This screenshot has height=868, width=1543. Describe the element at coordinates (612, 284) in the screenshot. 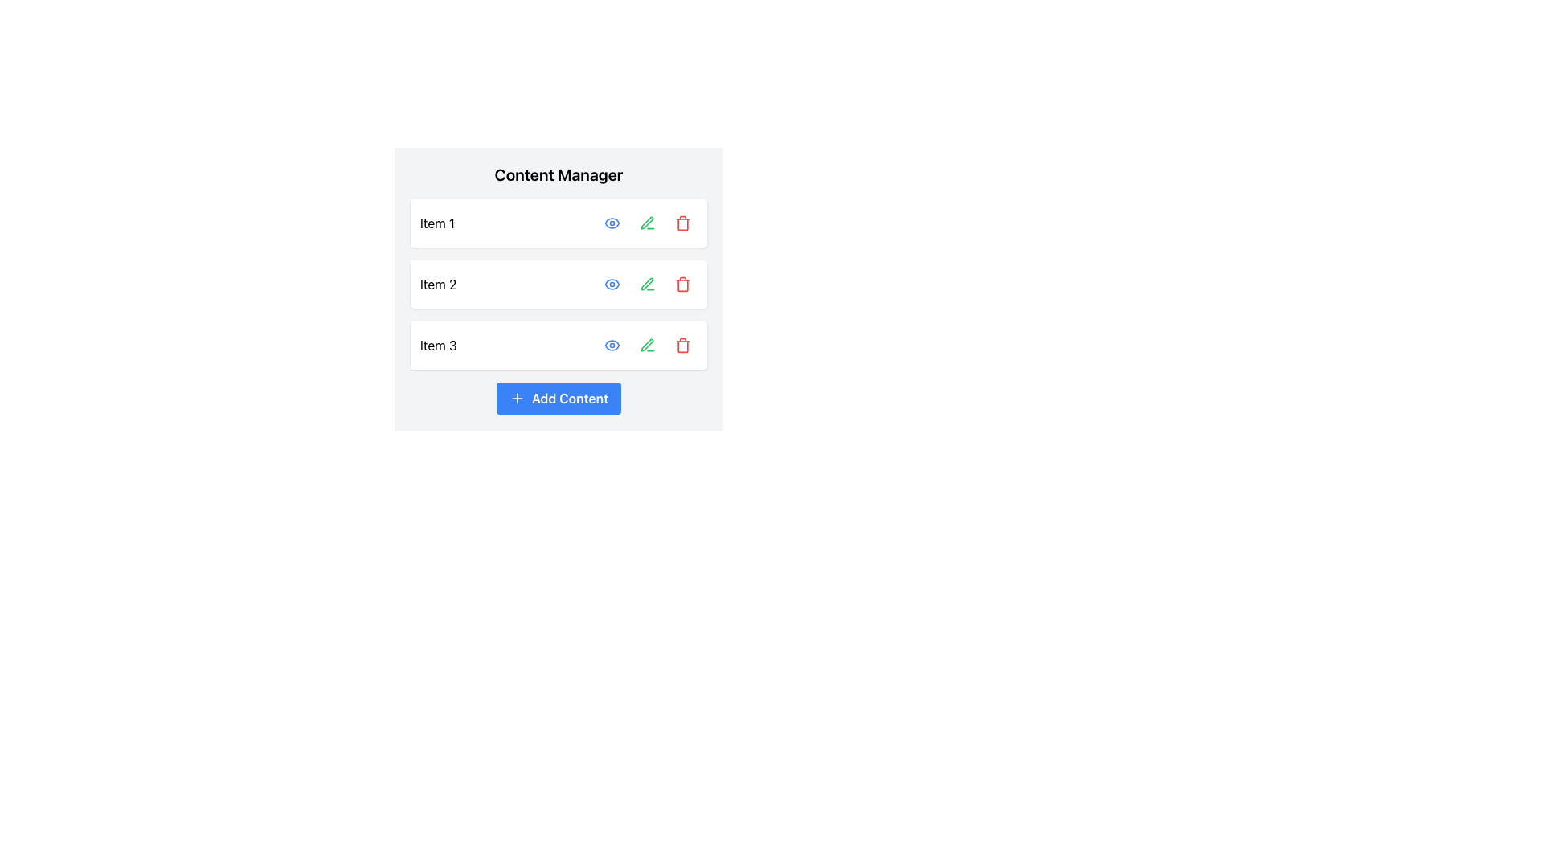

I see `the small blue eye icon button located beside 'Item 2' in the Content Manager section` at that location.